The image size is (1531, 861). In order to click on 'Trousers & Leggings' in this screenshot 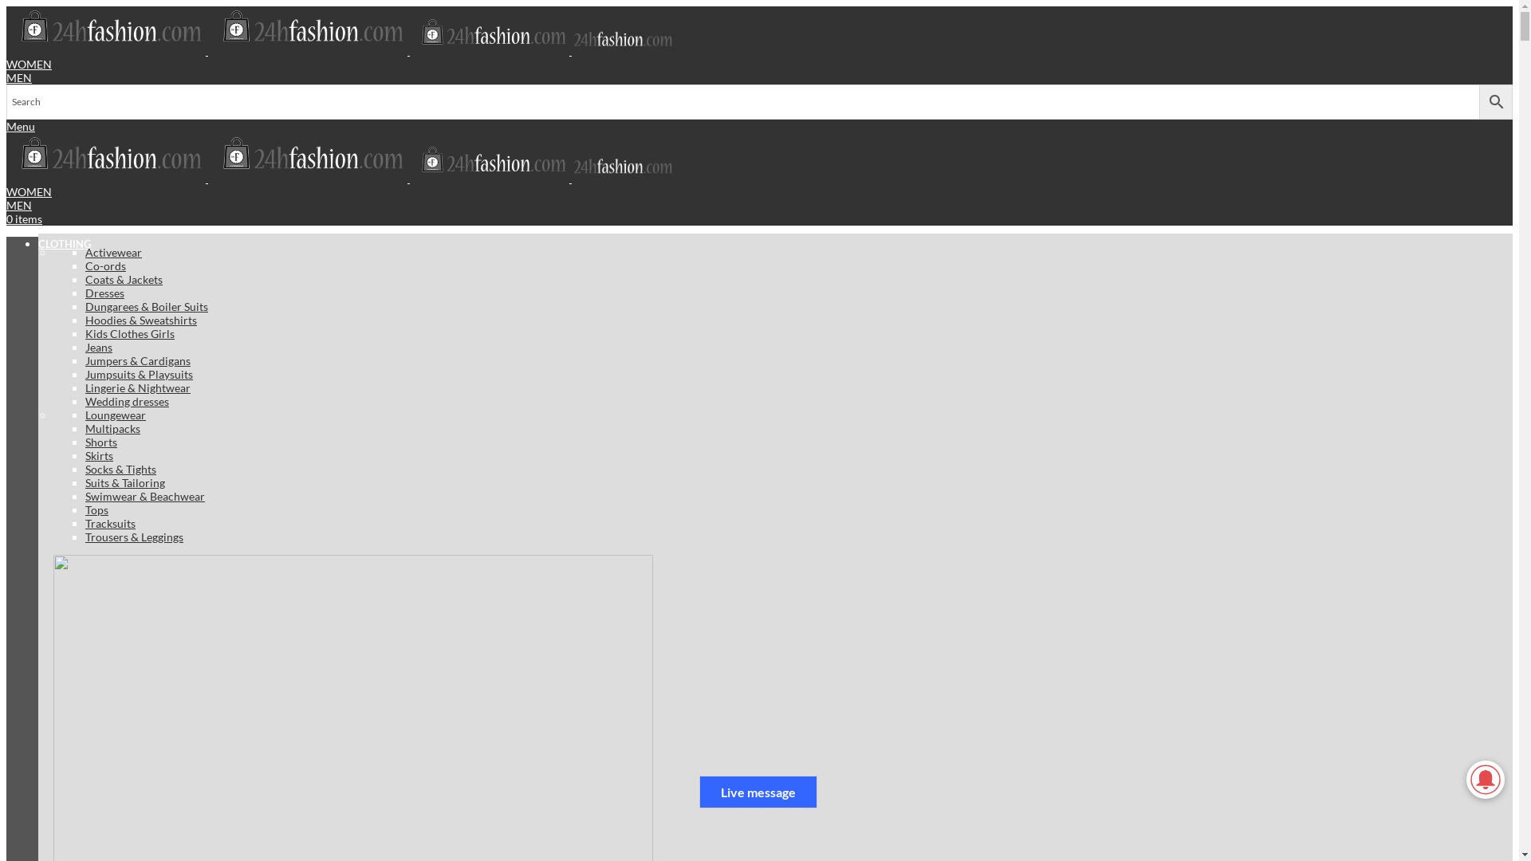, I will do `click(134, 536)`.